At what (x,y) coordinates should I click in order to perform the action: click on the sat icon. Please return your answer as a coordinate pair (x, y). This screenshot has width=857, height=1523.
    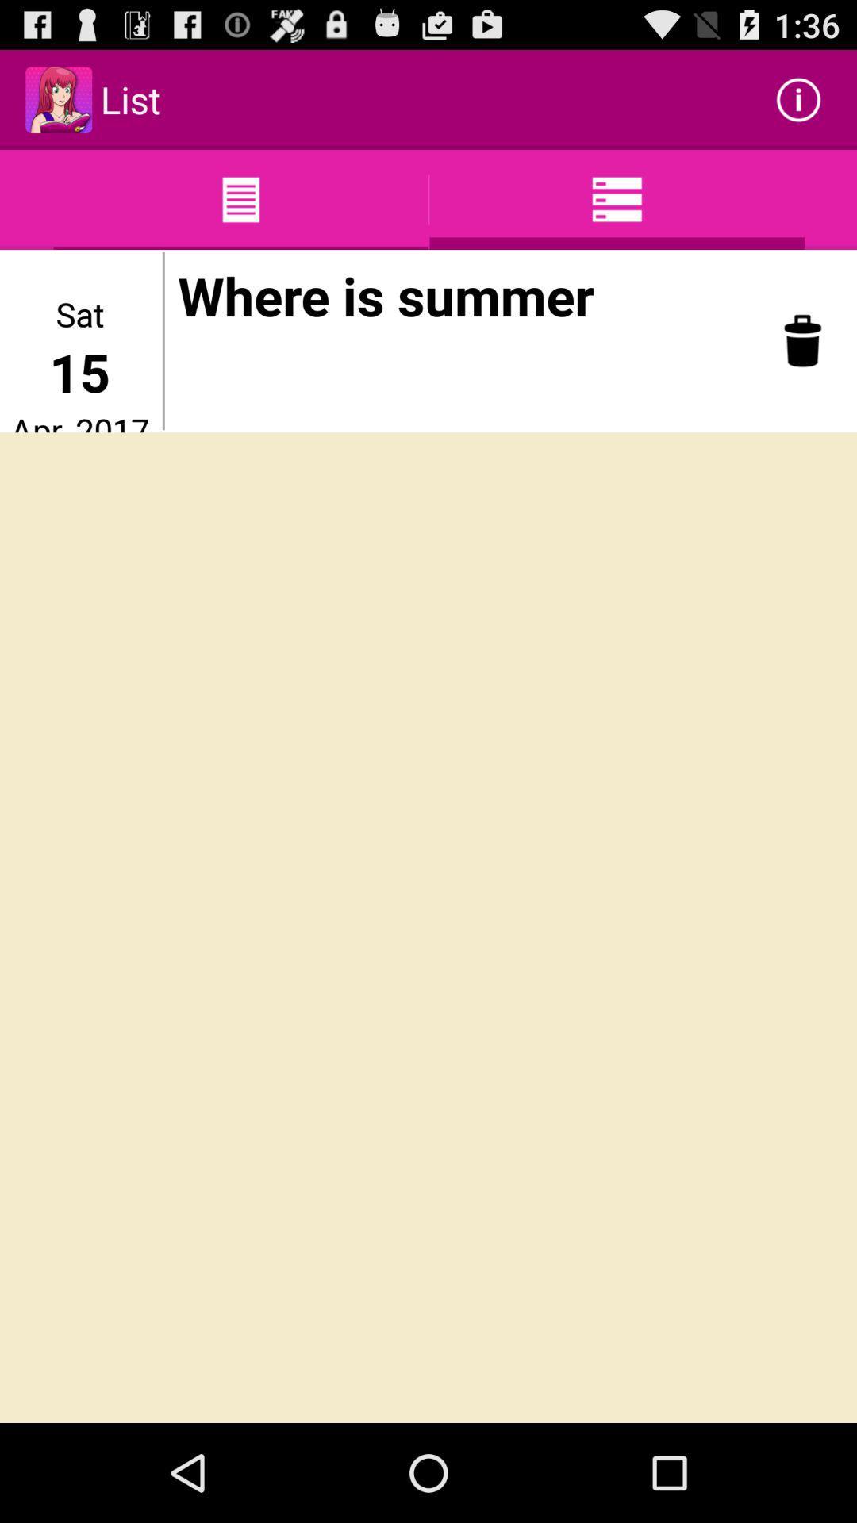
    Looking at the image, I should click on (79, 313).